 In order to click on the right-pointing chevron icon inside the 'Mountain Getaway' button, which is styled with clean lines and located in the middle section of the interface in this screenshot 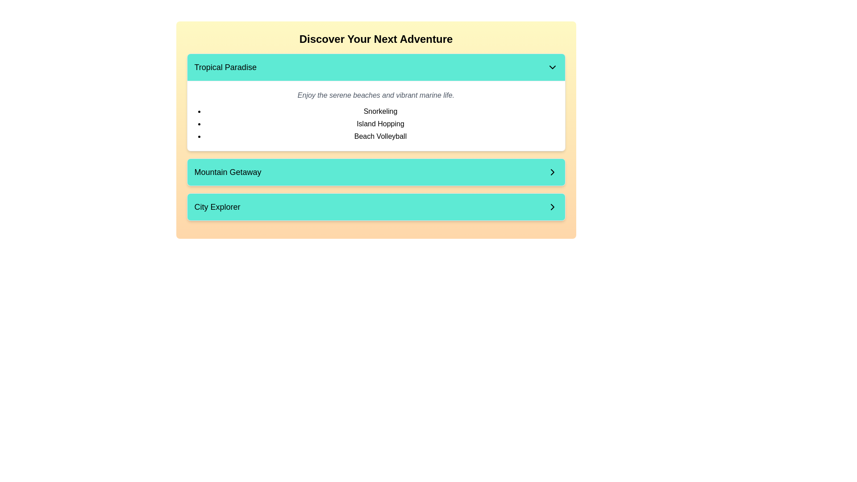, I will do `click(552, 172)`.